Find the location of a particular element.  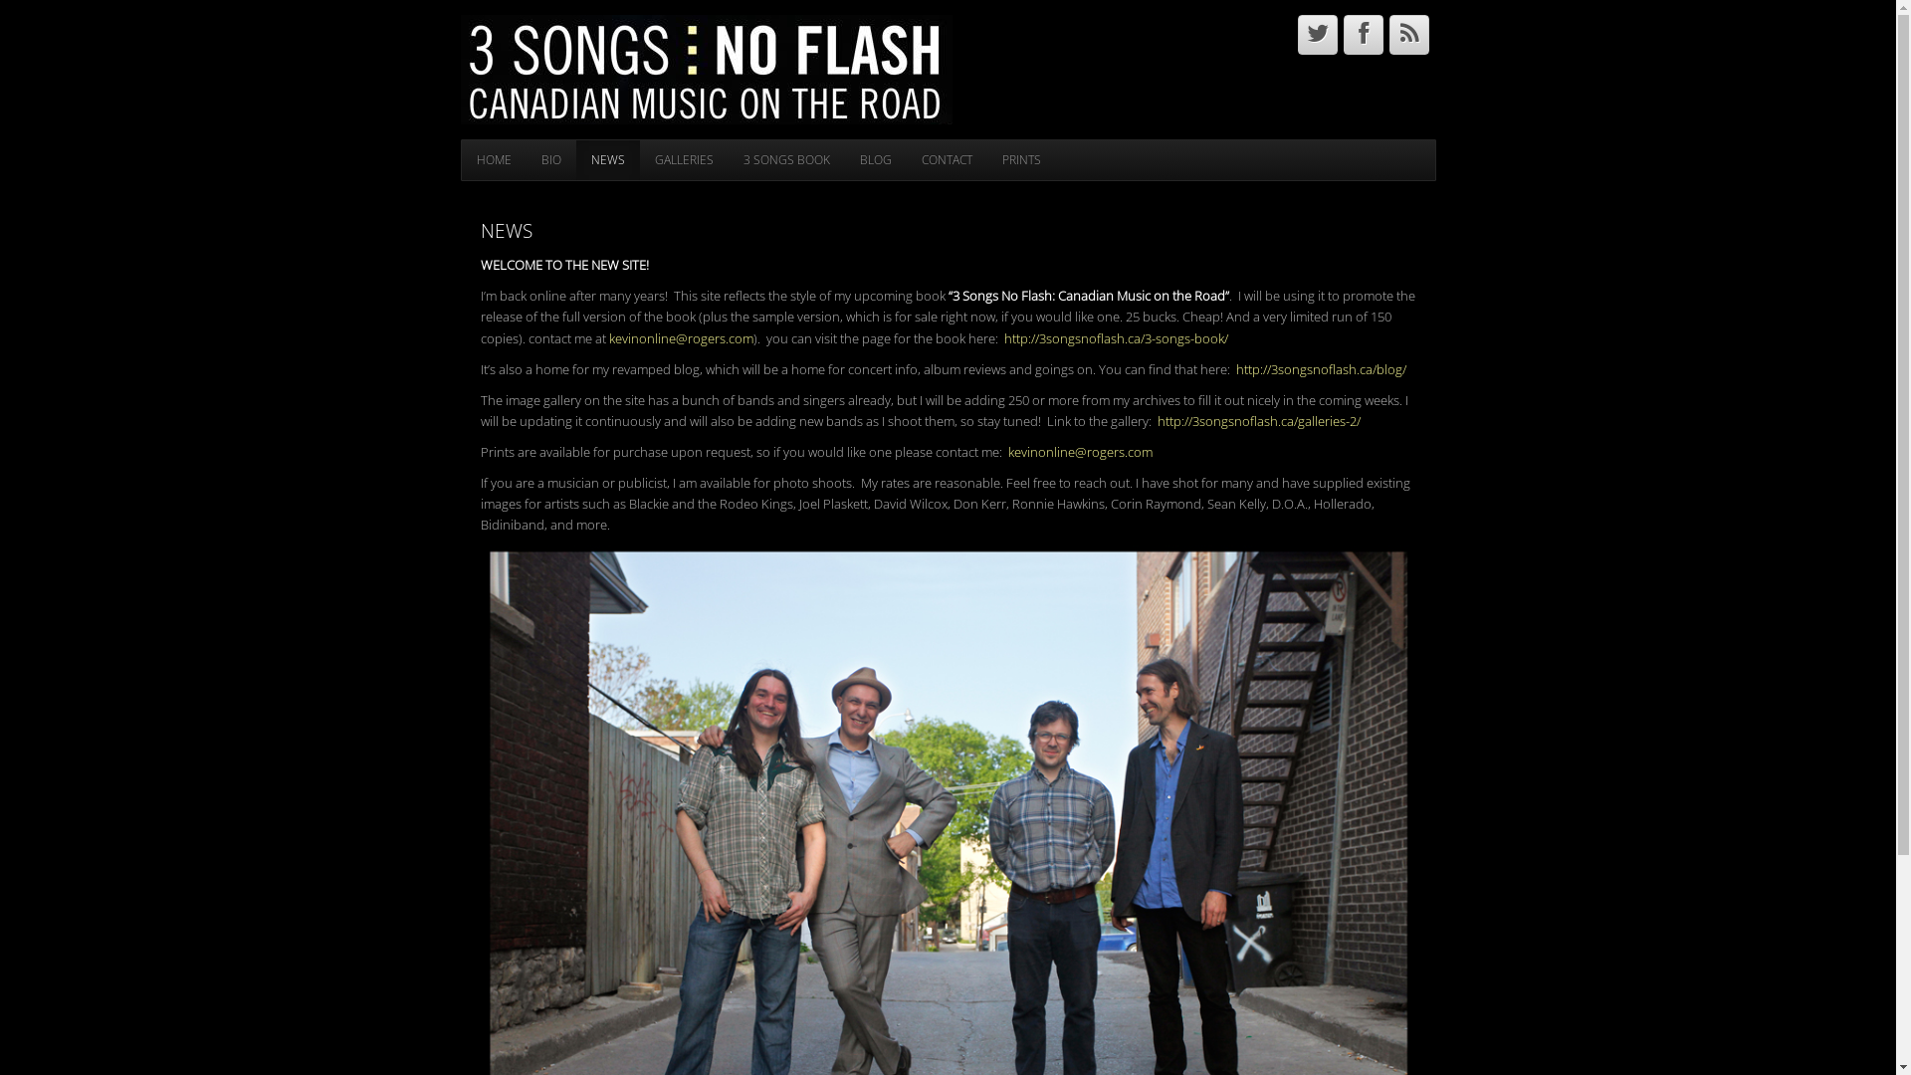

'BIO' is located at coordinates (526, 159).